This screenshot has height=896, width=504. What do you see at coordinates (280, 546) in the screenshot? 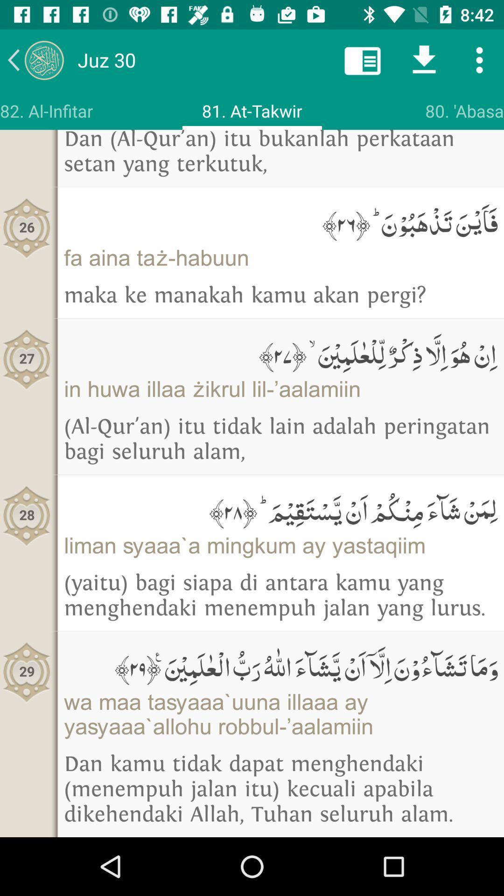
I see `the liman saaa a` at bounding box center [280, 546].